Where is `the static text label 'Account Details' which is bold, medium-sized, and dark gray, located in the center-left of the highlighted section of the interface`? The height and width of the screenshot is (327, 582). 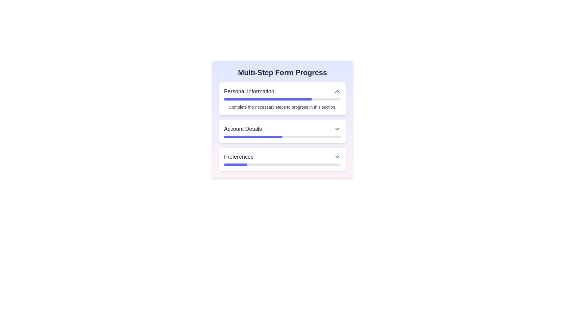 the static text label 'Account Details' which is bold, medium-sized, and dark gray, located in the center-left of the highlighted section of the interface is located at coordinates (243, 128).